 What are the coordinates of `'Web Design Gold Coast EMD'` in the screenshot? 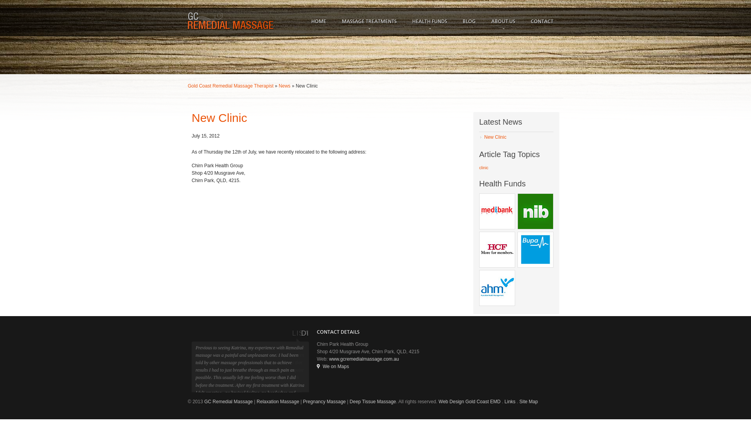 It's located at (469, 402).